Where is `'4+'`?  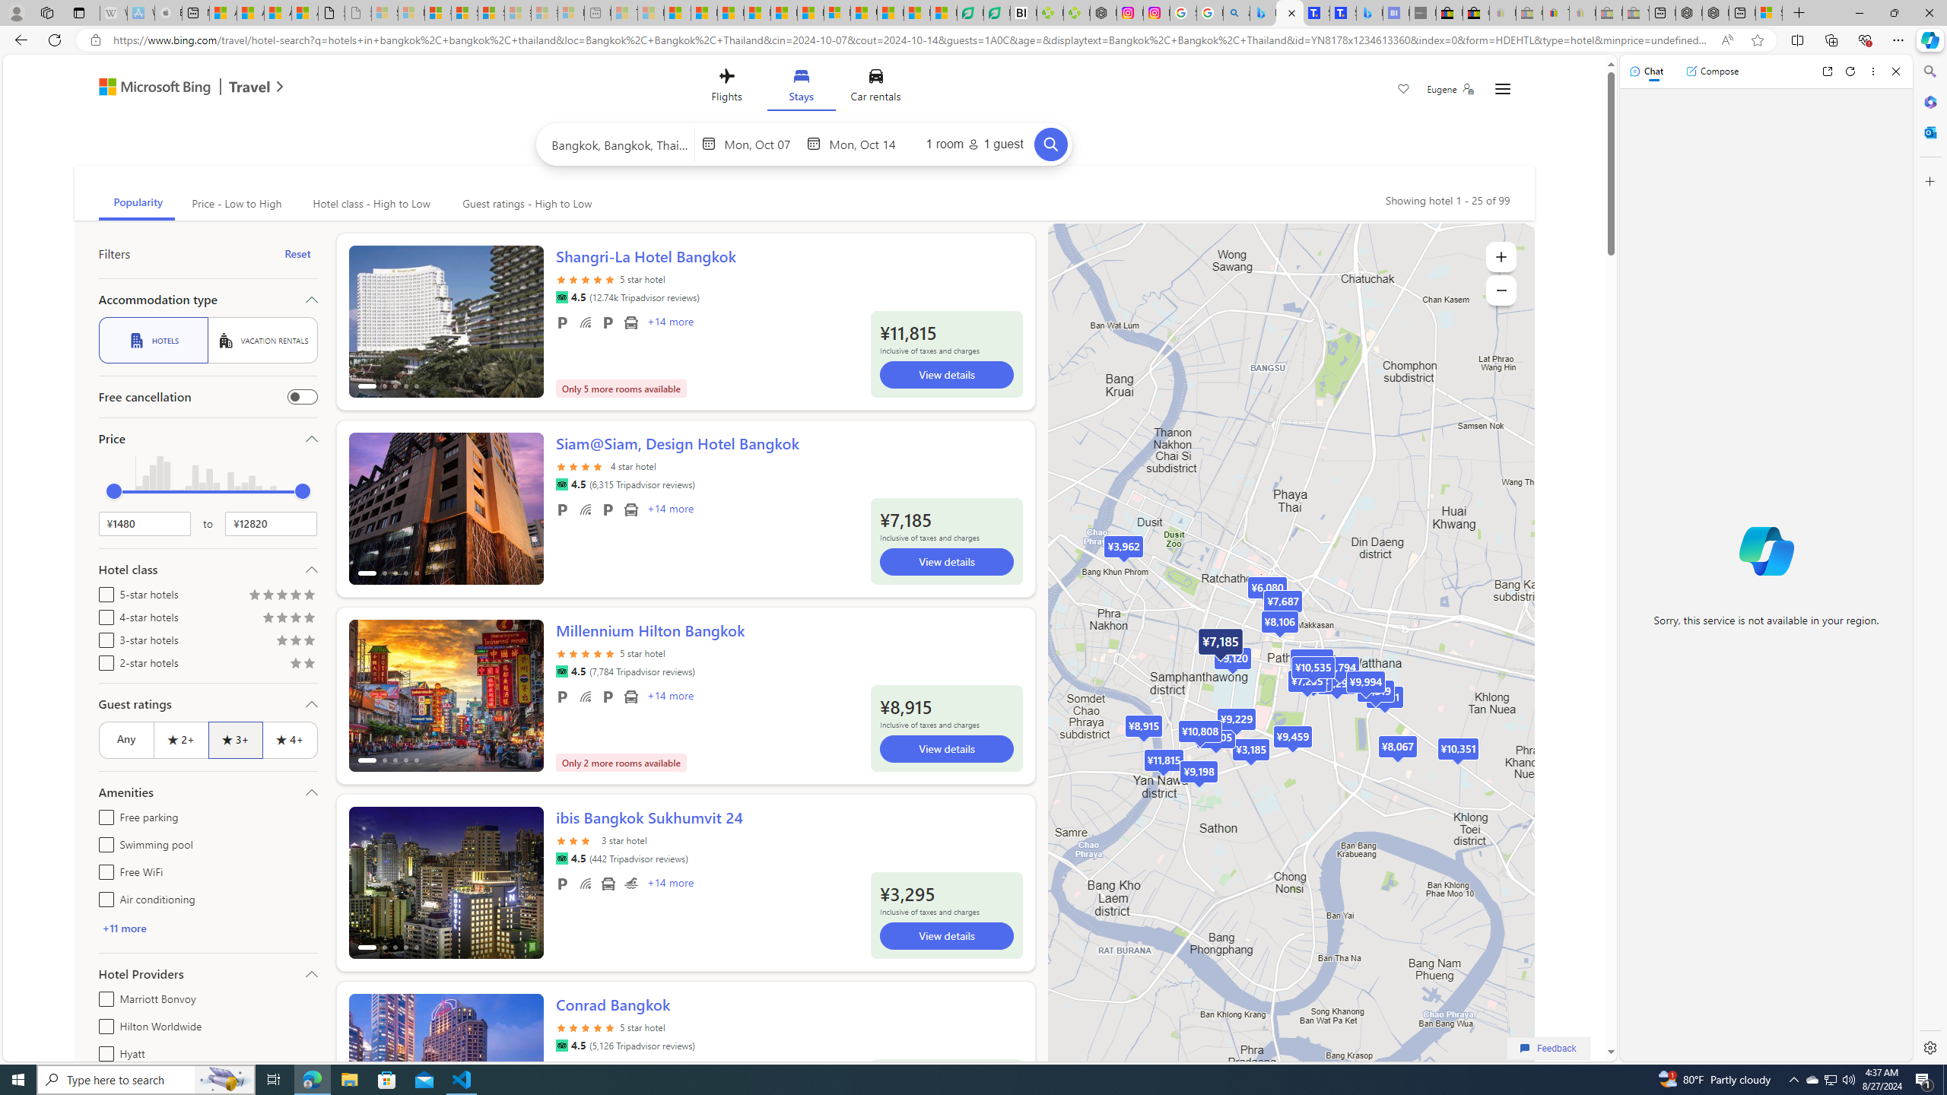 '4+' is located at coordinates (289, 739).